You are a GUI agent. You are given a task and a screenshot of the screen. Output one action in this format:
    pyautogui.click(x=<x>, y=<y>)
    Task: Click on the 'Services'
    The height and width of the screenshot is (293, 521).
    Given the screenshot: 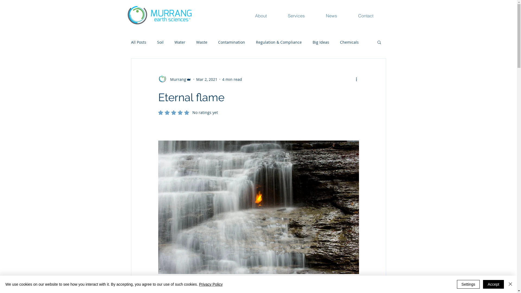 What is the action you would take?
    pyautogui.click(x=303, y=15)
    